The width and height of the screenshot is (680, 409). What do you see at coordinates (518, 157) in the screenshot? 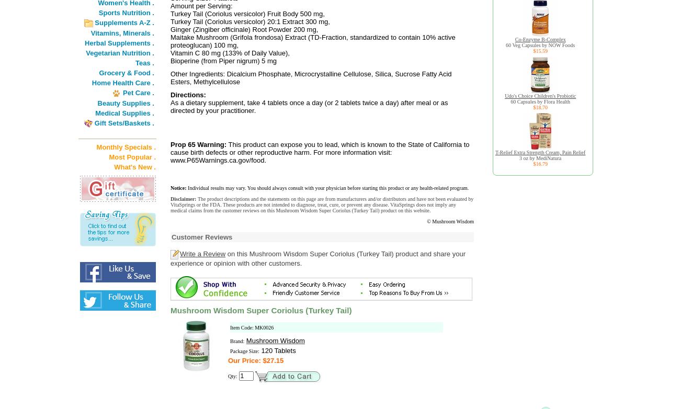
I see `'3 oz by MediNatura'` at bounding box center [518, 157].